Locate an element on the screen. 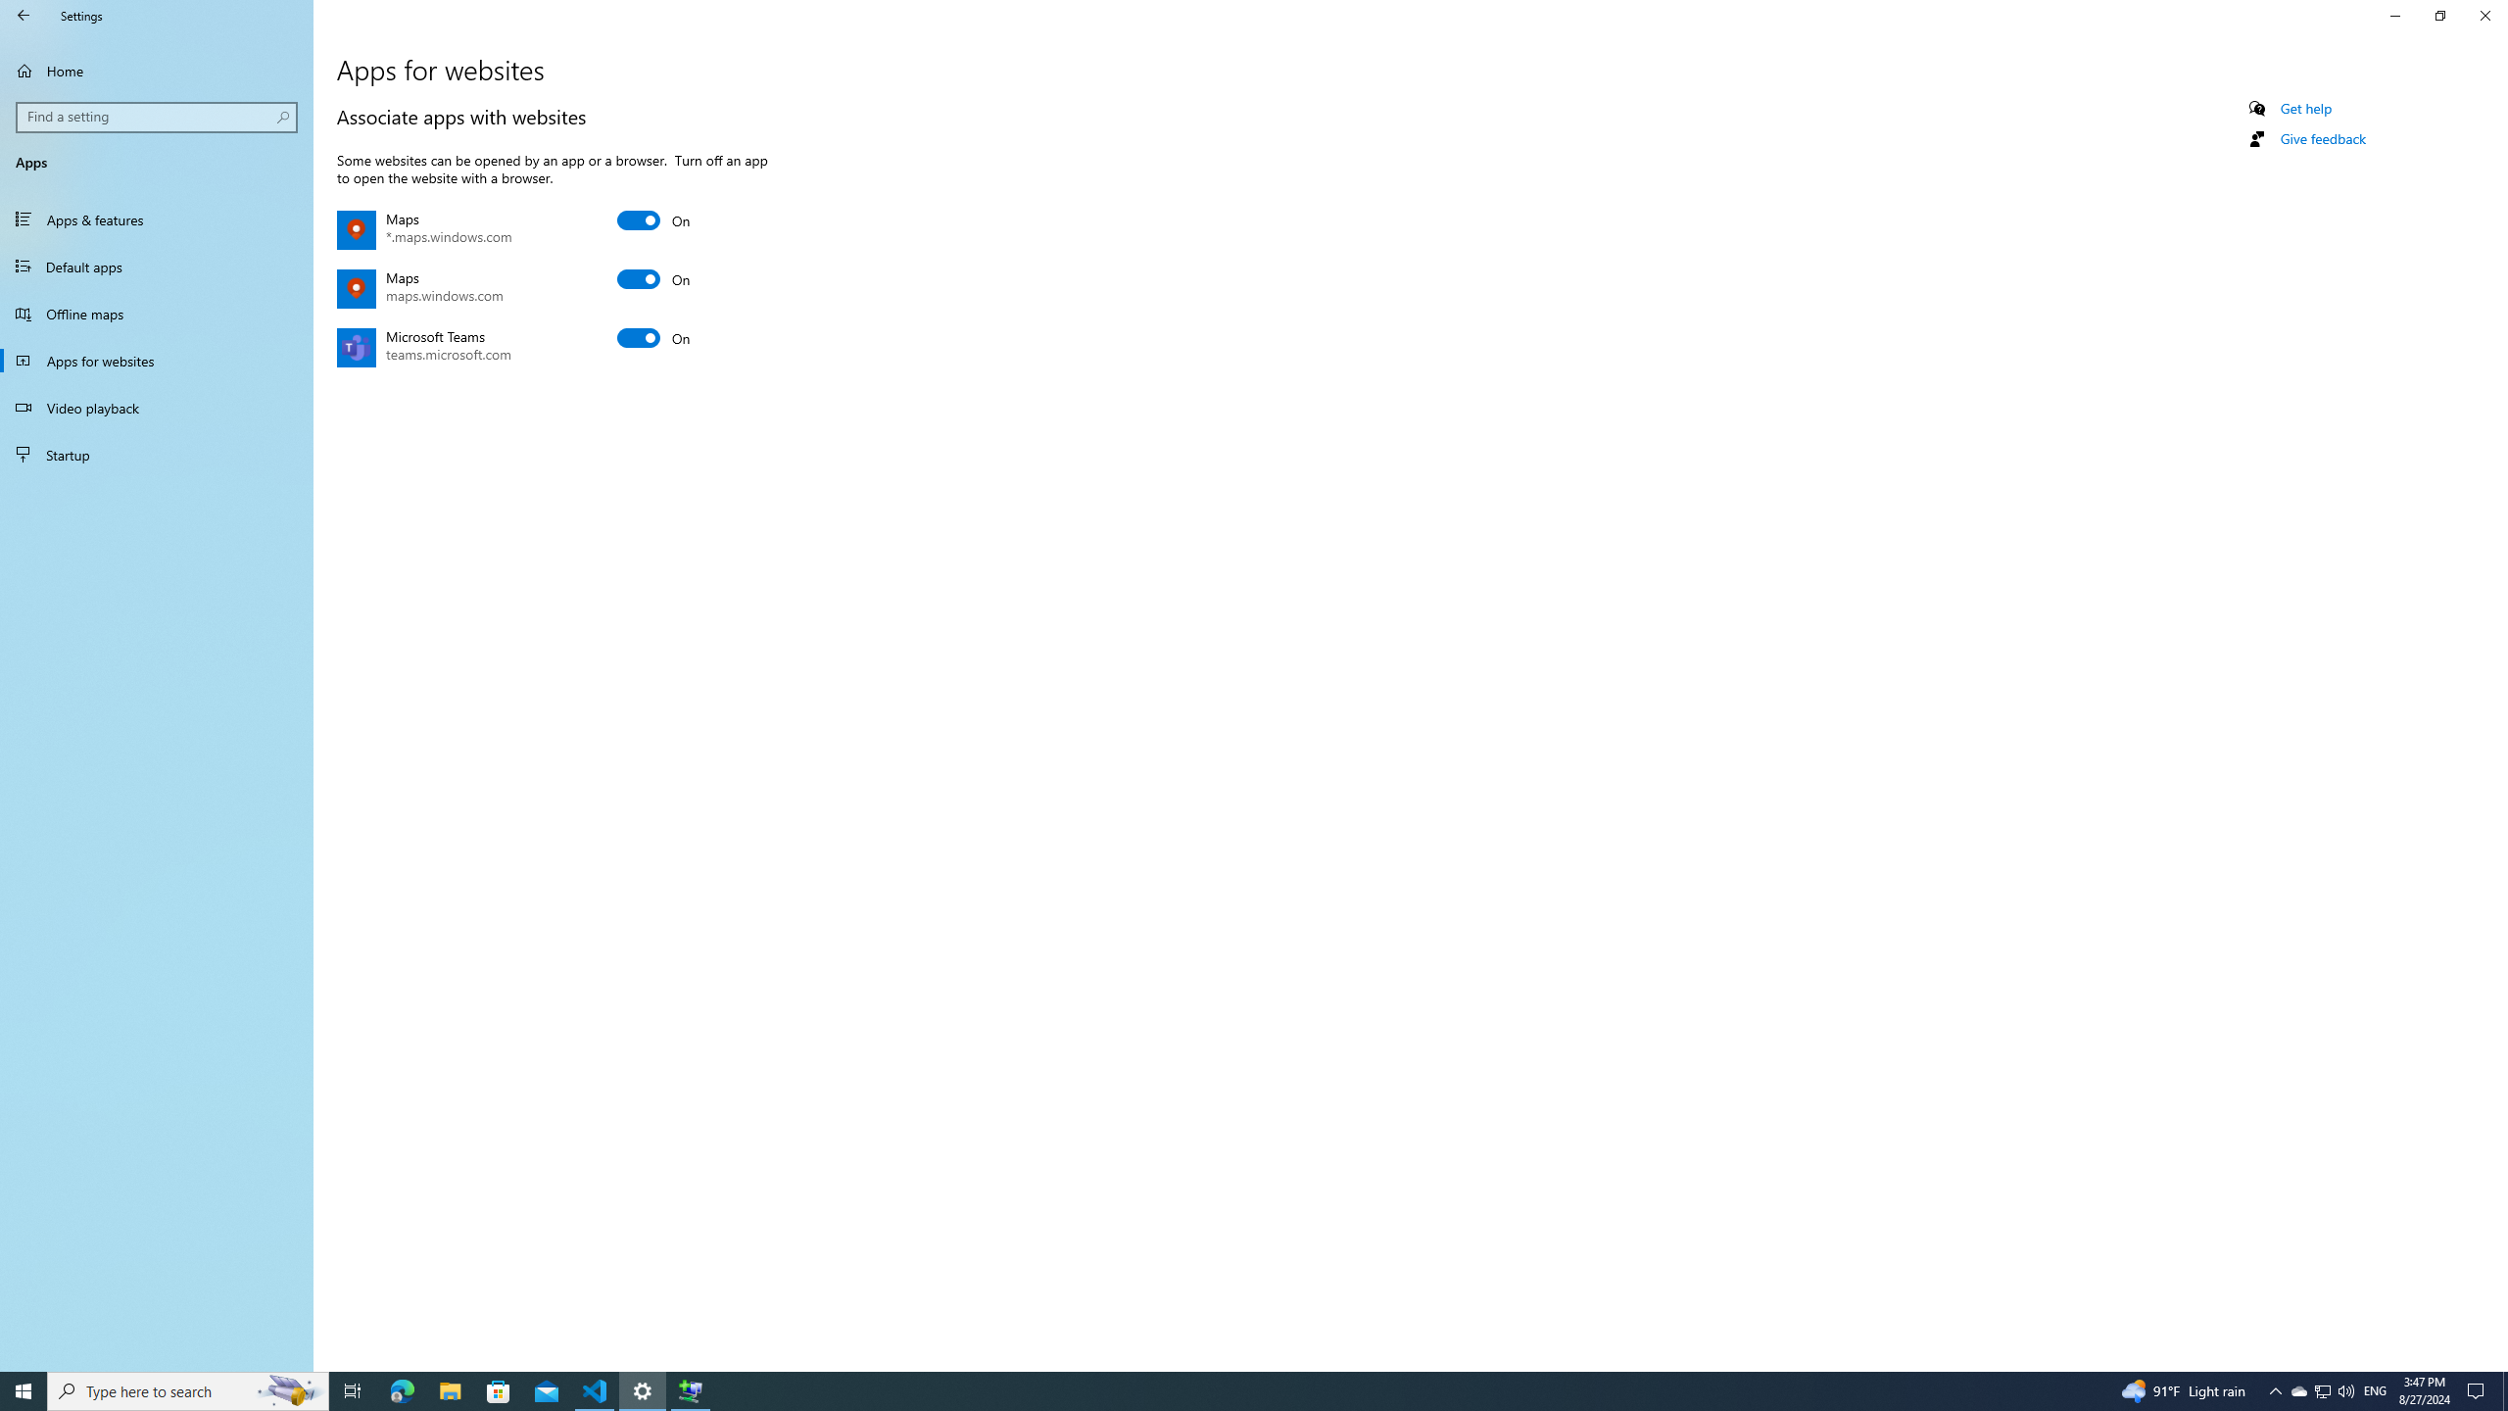 Image resolution: width=2508 pixels, height=1411 pixels. 'Default apps' is located at coordinates (156, 266).